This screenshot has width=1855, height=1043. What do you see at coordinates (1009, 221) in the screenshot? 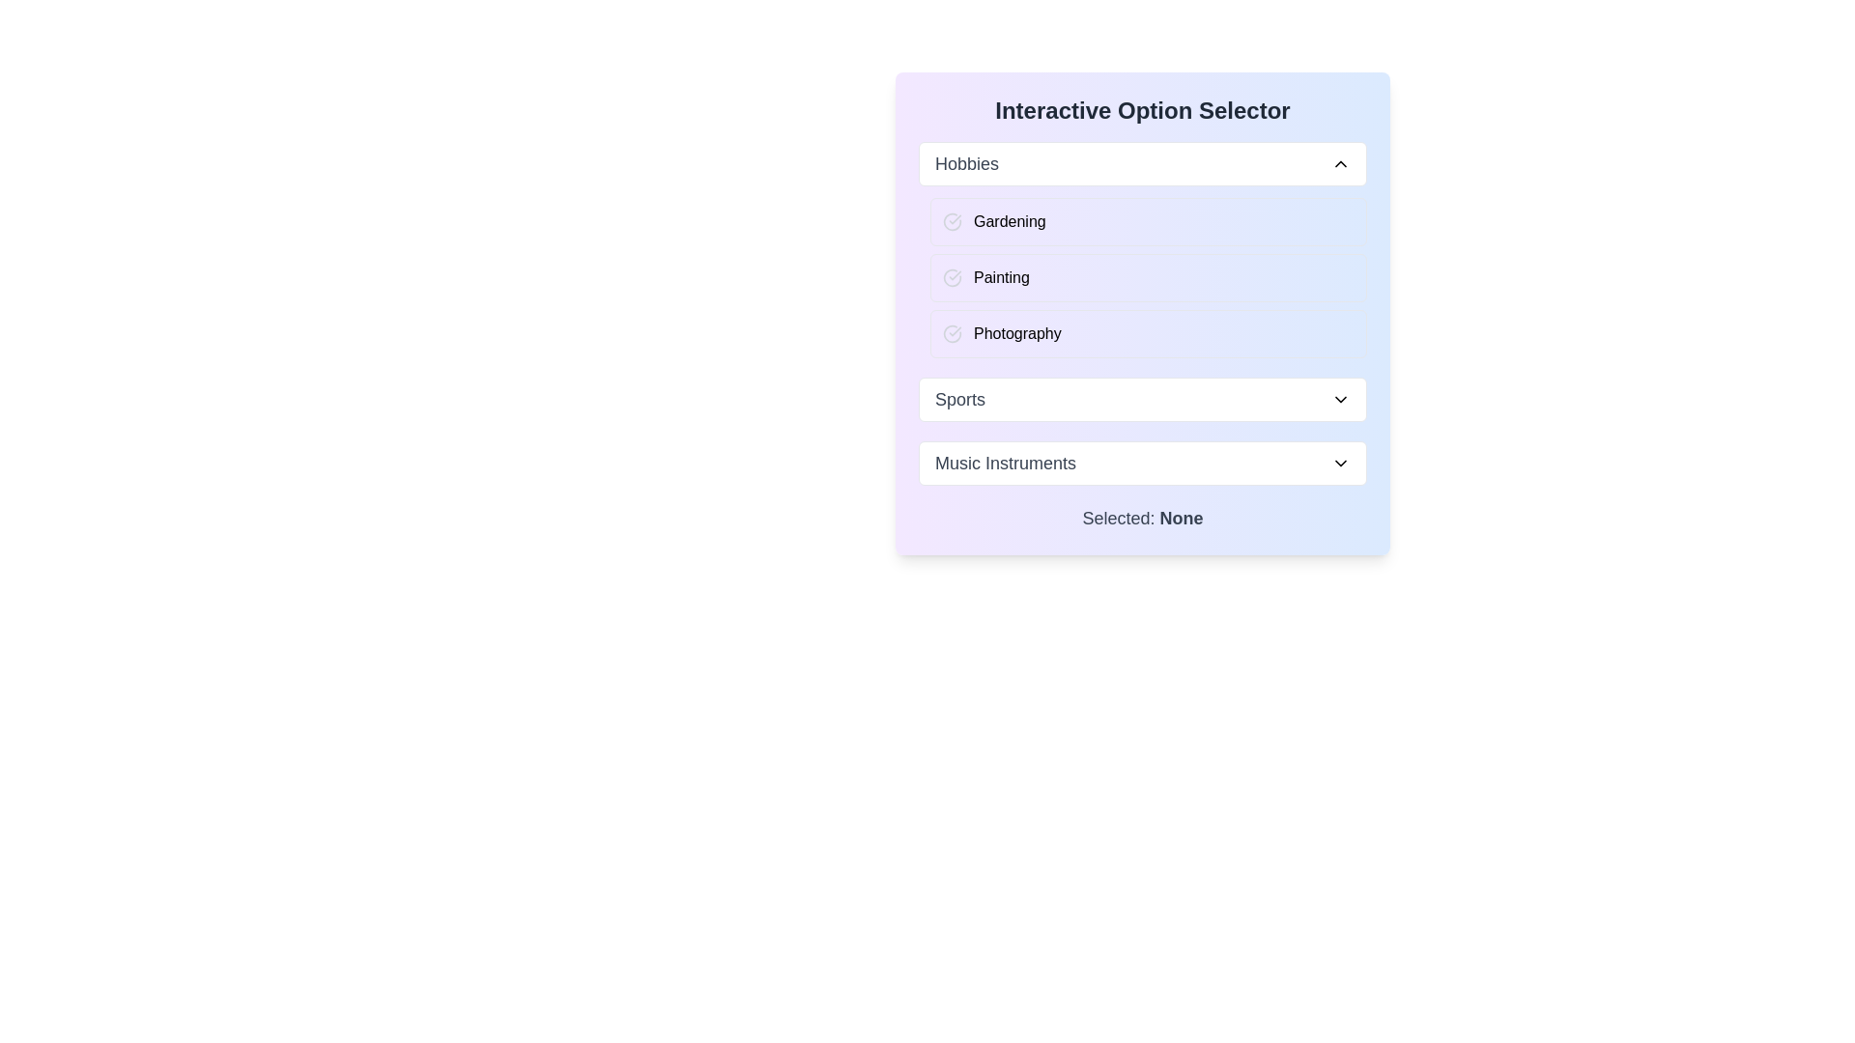
I see `the 'Gardening' static text label in the 'Hobbies' dropdown list, which is located to the right of the associated checkmark icon` at bounding box center [1009, 221].